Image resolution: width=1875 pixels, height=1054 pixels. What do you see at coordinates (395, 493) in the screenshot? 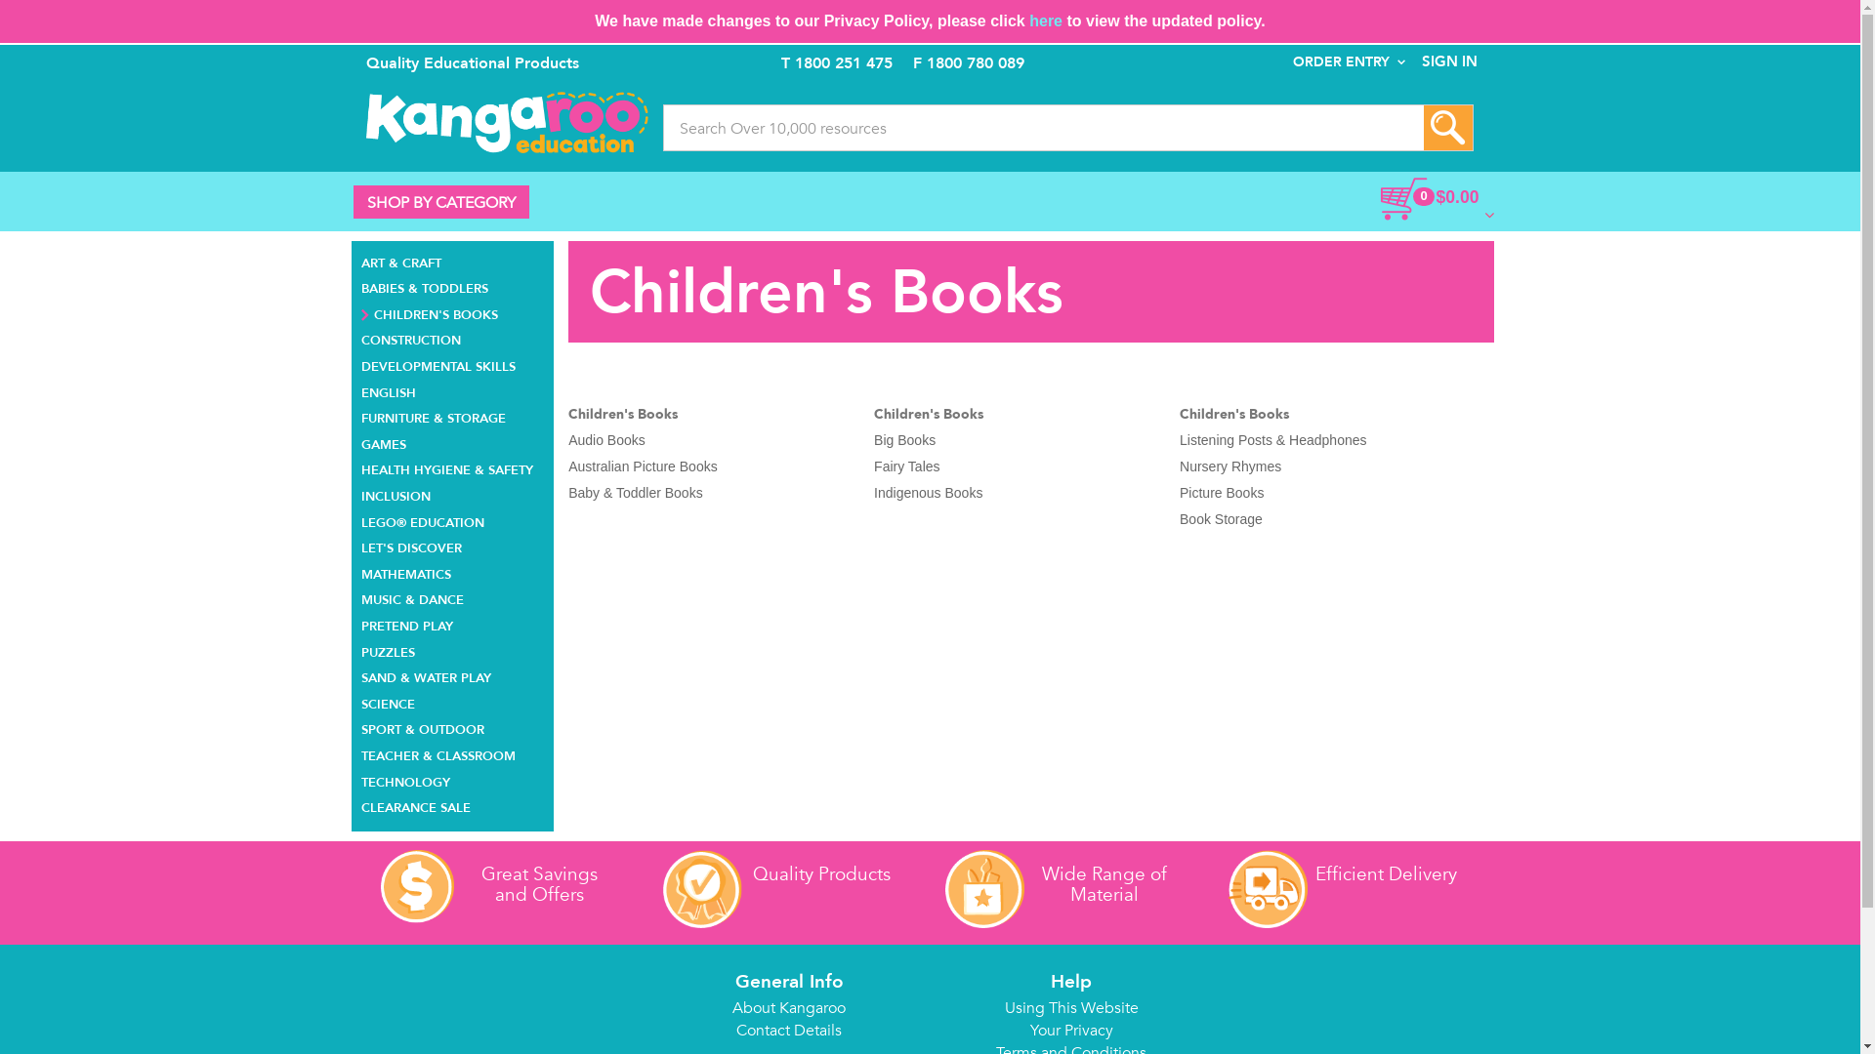
I see `'INCLUSION'` at bounding box center [395, 493].